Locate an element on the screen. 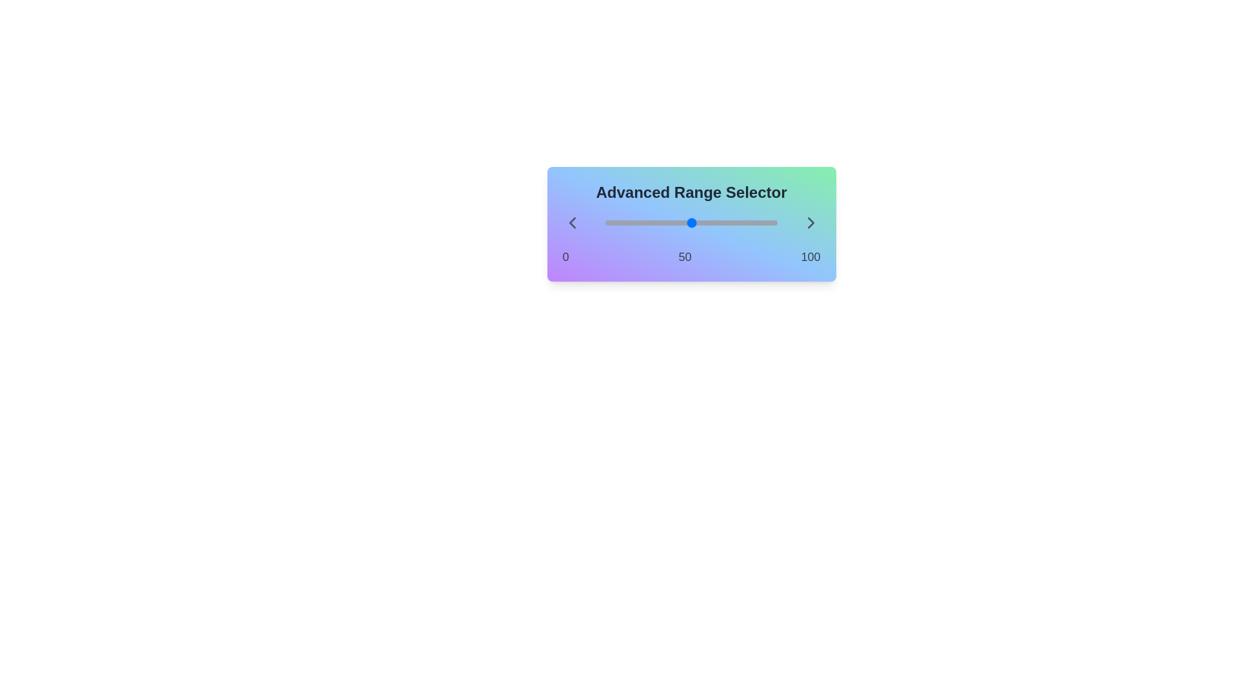  the left arrow button to decrease the value is located at coordinates (571, 222).